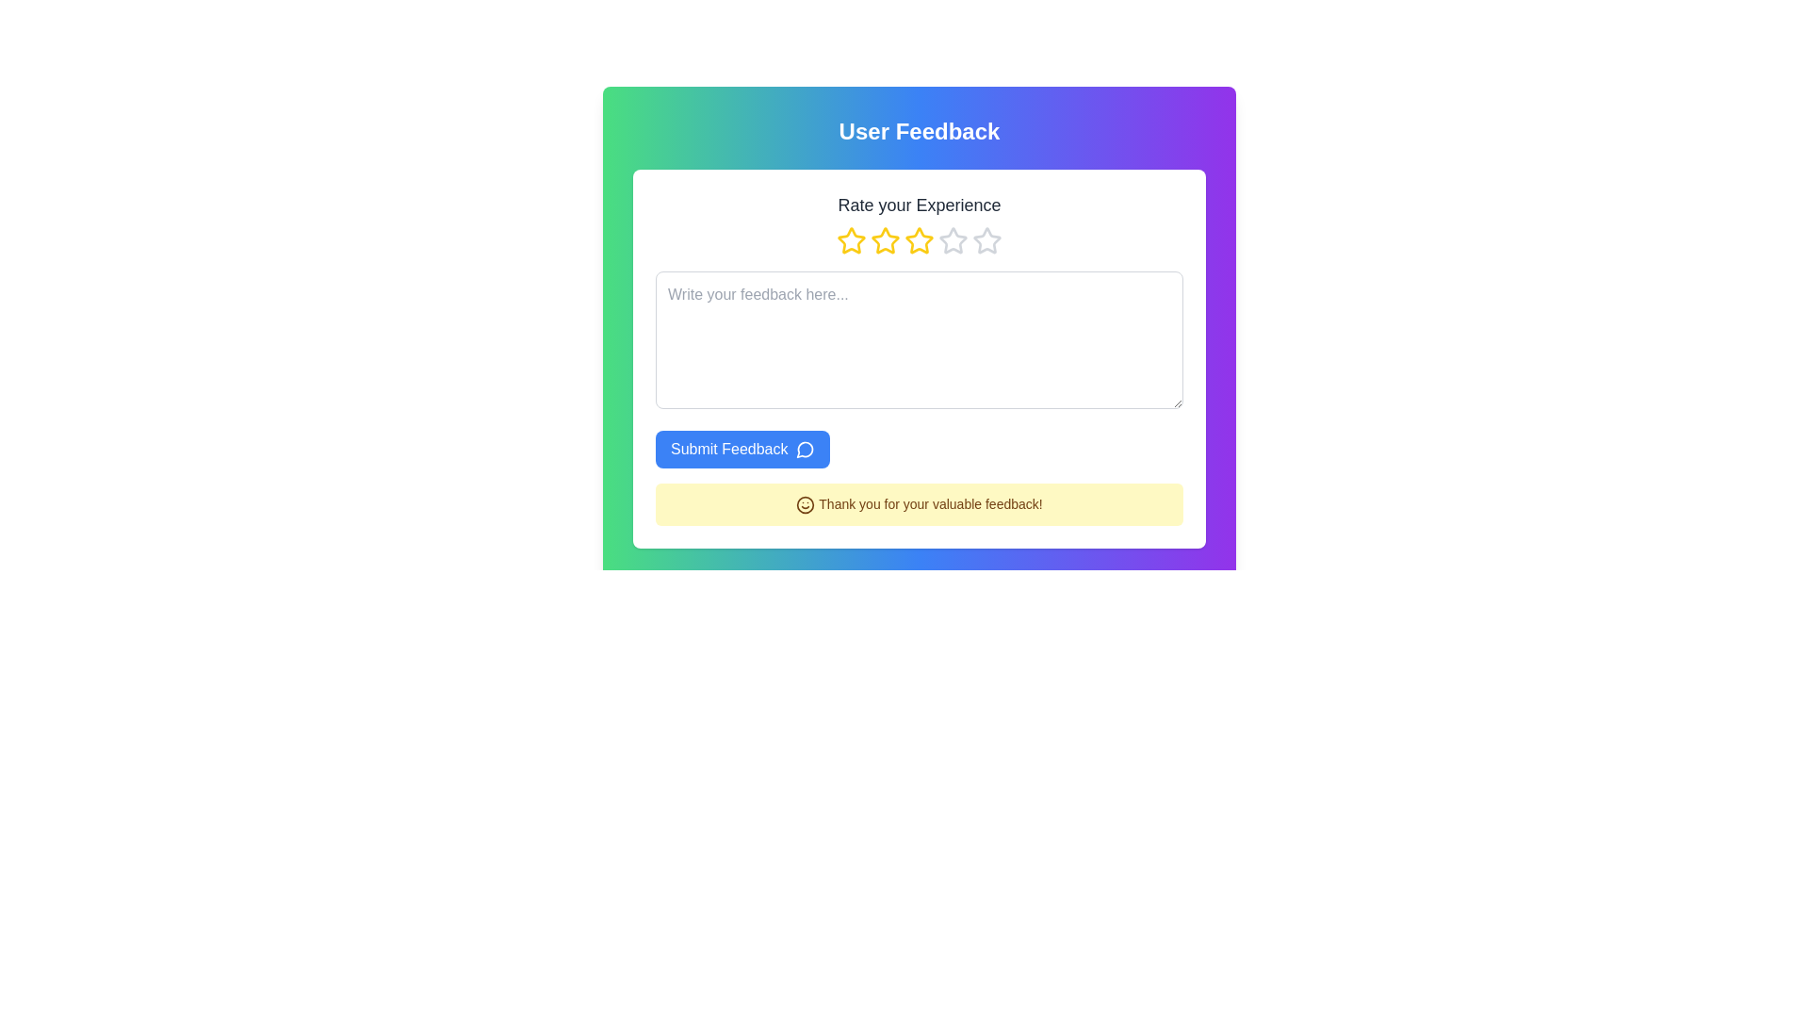 This screenshot has height=1018, width=1809. Describe the element at coordinates (985, 238) in the screenshot. I see `the fifth star in the horizontal arrangement of five stars to rate your experience, located in the 'Rate your Experience' box` at that location.